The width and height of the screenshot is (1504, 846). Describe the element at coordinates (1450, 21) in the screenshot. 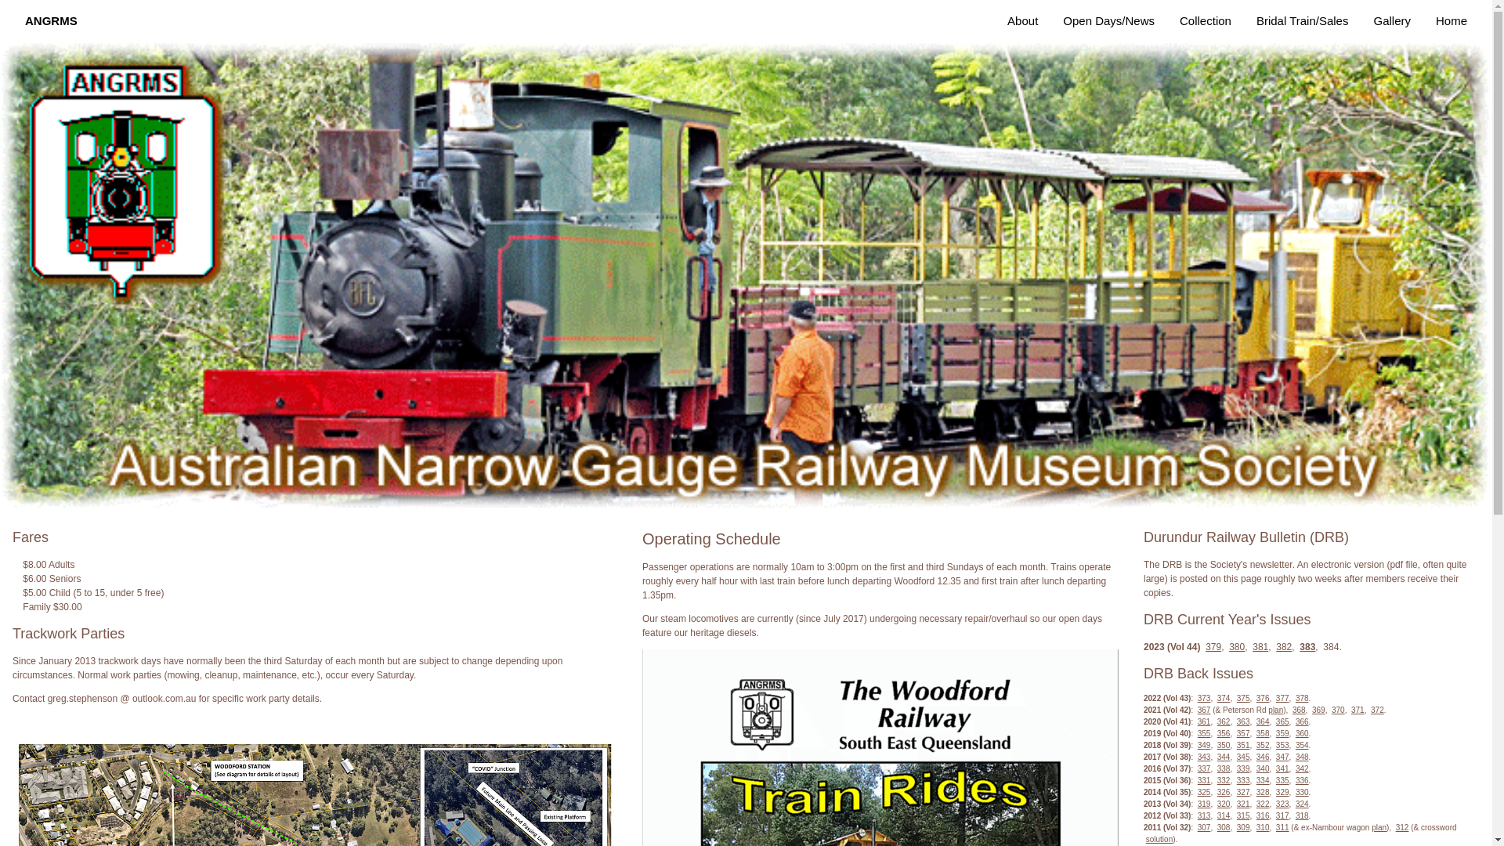

I see `'Home'` at that location.